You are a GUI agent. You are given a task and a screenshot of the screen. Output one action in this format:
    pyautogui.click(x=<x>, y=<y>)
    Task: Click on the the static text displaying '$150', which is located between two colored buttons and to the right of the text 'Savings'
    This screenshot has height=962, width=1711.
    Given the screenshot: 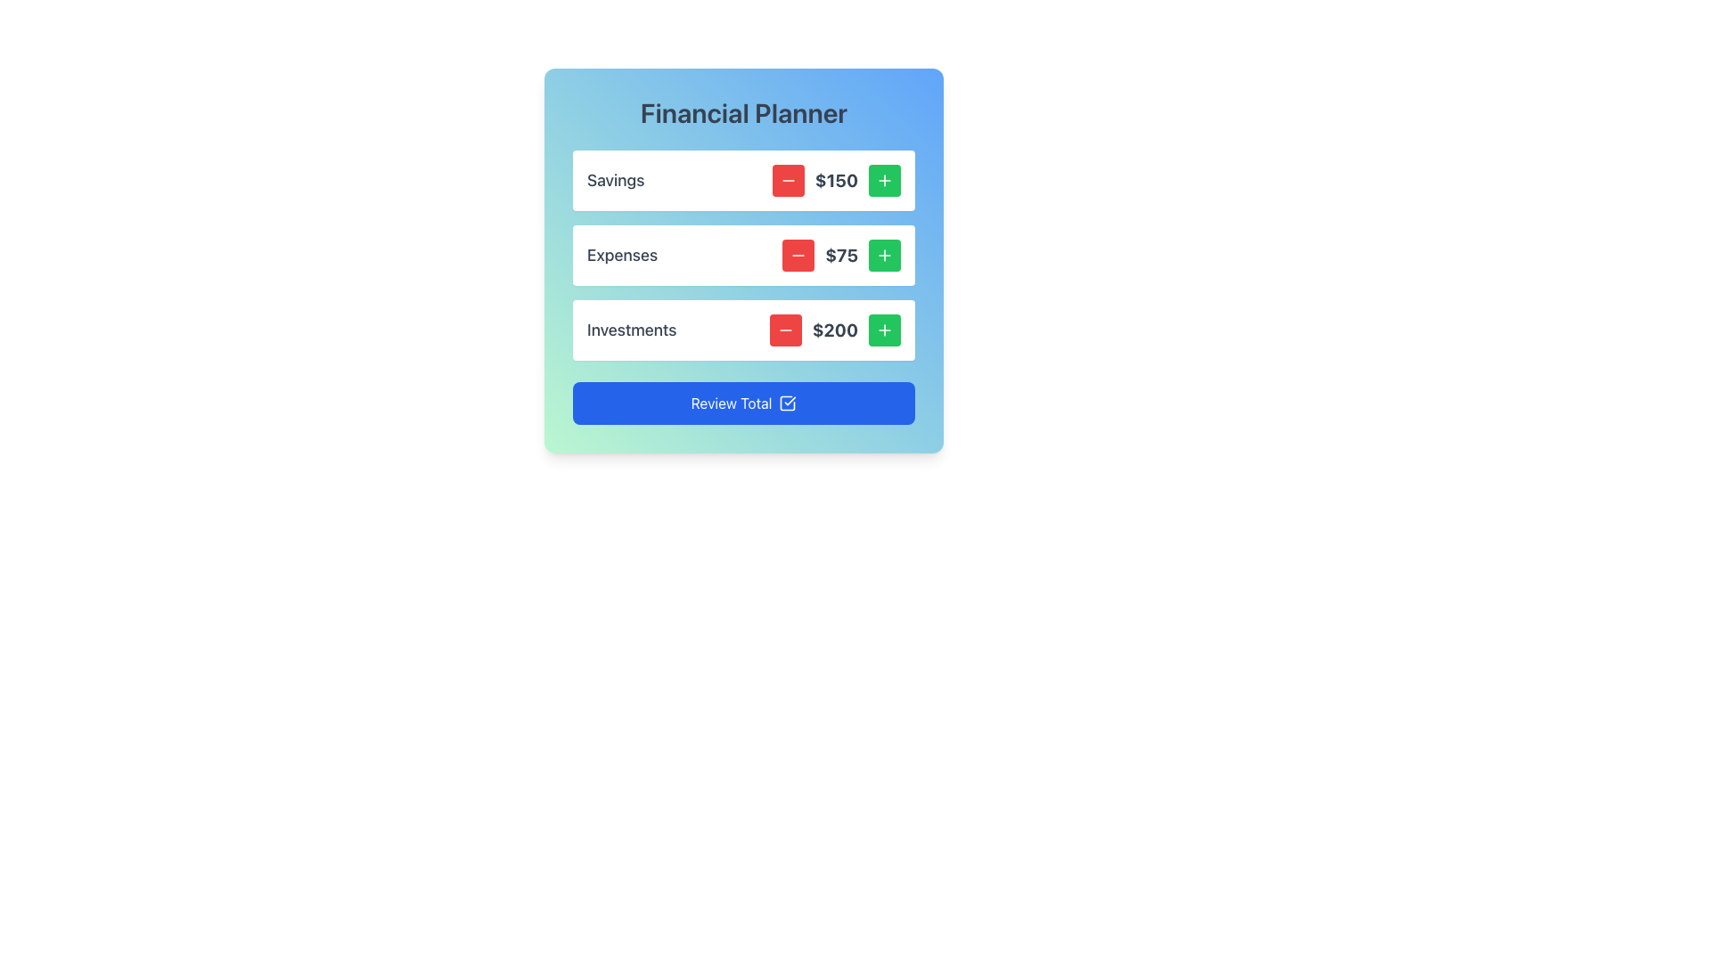 What is the action you would take?
    pyautogui.click(x=835, y=181)
    